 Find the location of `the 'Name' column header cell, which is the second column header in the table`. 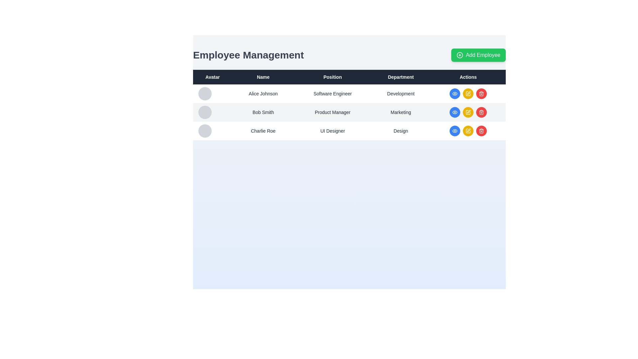

the 'Name' column header cell, which is the second column header in the table is located at coordinates (263, 76).